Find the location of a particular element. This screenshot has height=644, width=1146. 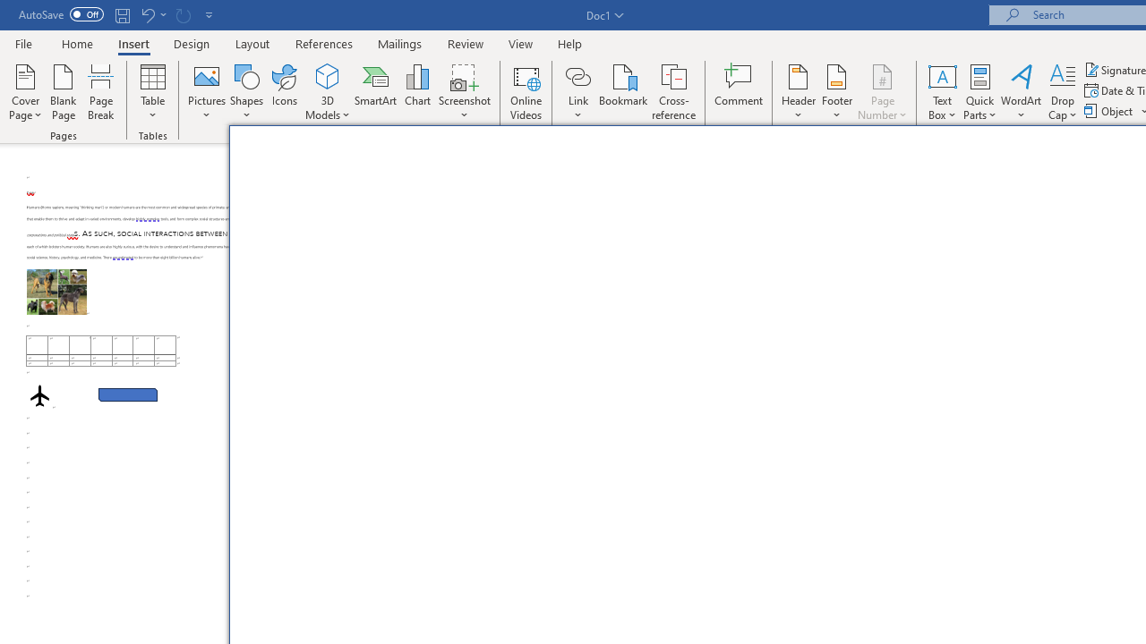

'Airplane with solid fill' is located at coordinates (39, 394).